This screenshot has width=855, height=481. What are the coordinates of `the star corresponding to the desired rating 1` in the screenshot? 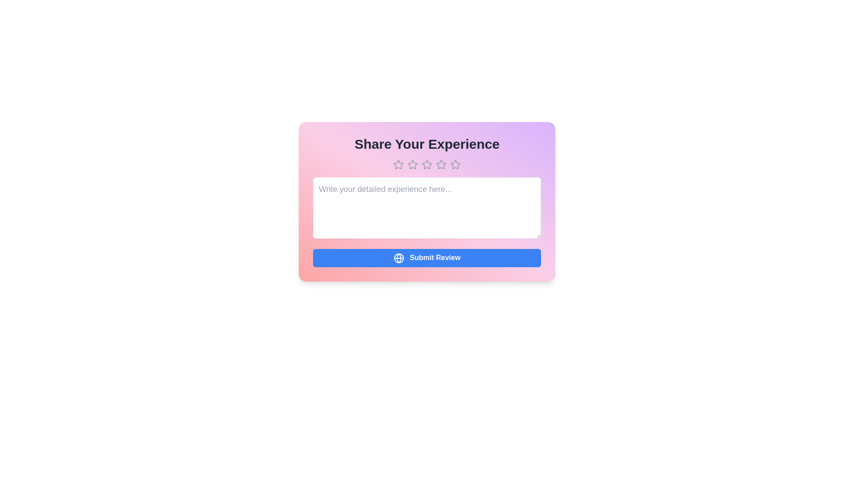 It's located at (398, 165).